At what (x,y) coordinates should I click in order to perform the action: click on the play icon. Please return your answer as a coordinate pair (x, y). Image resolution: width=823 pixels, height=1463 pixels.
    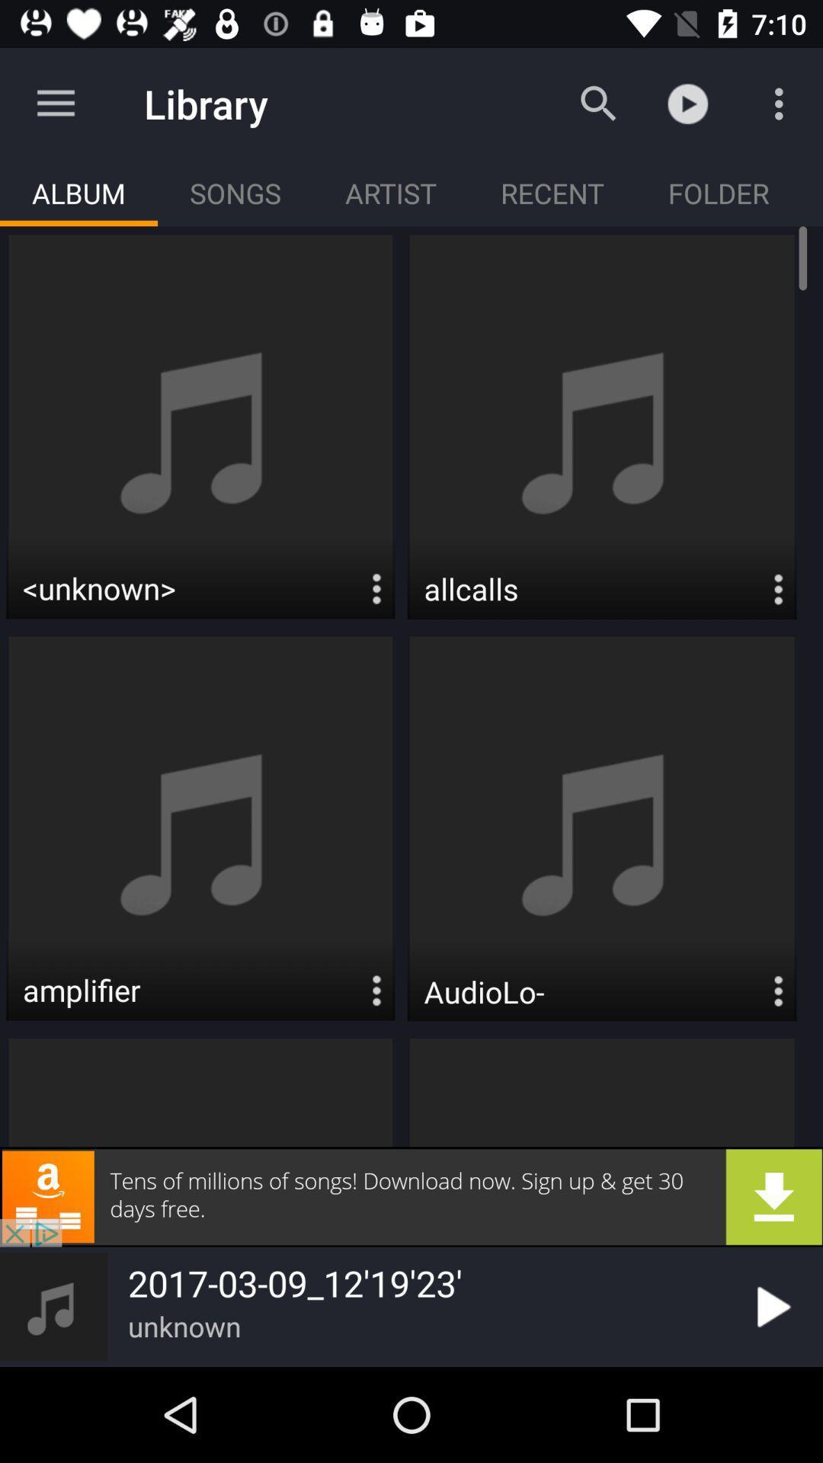
    Looking at the image, I should click on (770, 1306).